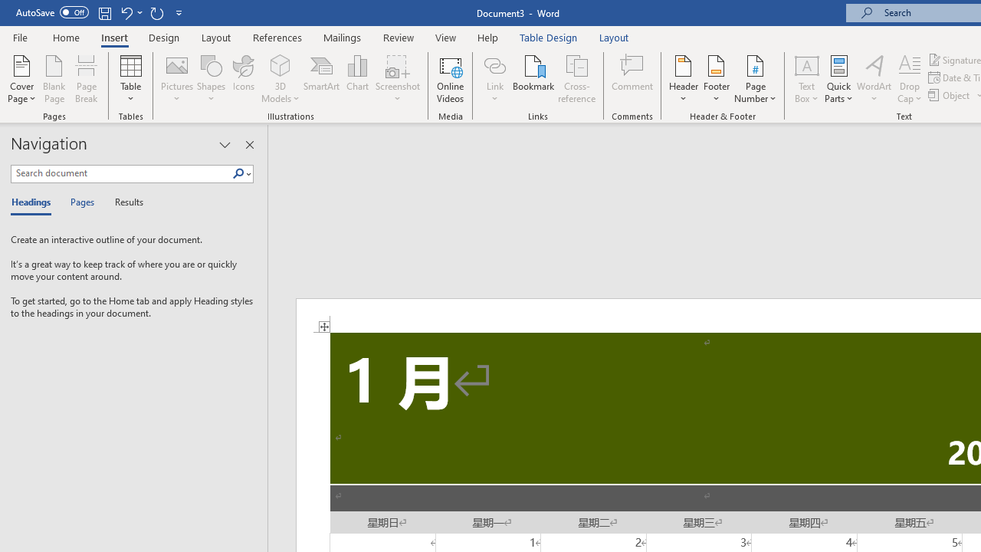  Describe the element at coordinates (342, 37) in the screenshot. I see `'Mailings'` at that location.